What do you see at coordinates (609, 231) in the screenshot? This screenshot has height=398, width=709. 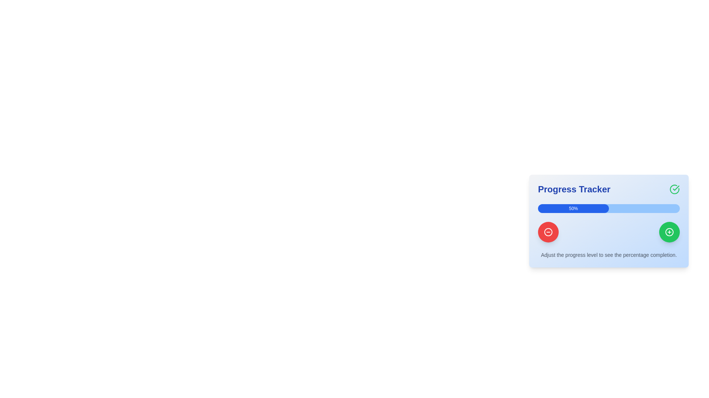 I see `the minus button in the Custom control group located below the blue progress bar labeled '50%' to decrease a value` at bounding box center [609, 231].